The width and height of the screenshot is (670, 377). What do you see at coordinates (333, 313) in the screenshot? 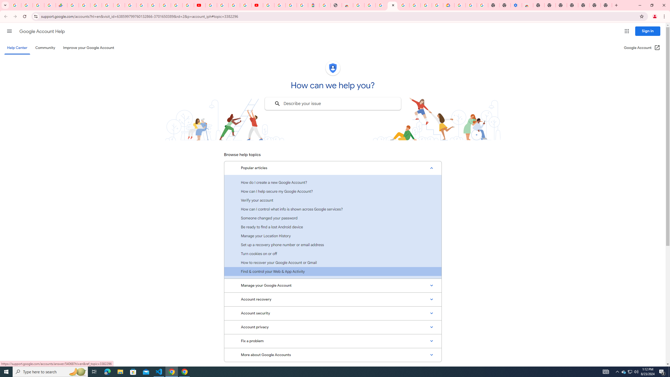
I see `'Account security'` at bounding box center [333, 313].